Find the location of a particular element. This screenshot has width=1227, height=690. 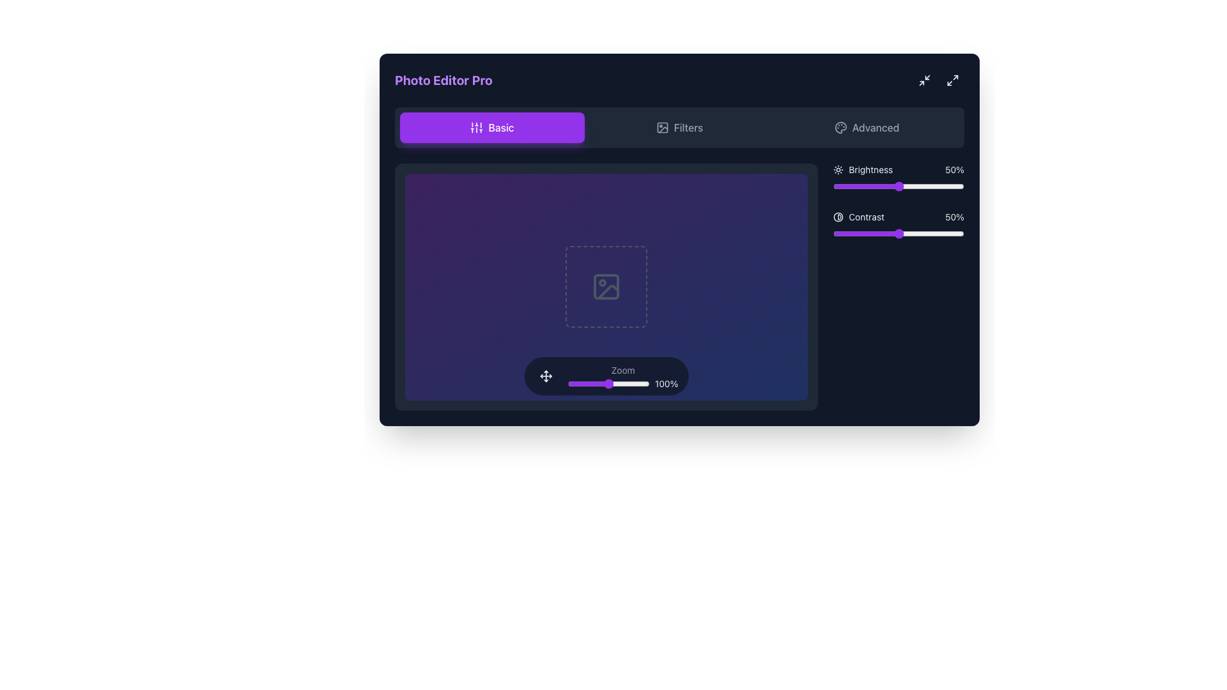

slider value is located at coordinates (845, 187).